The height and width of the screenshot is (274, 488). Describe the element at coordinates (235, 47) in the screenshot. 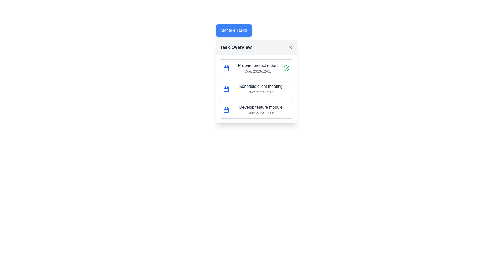

I see `the bold and large text label reading 'Task Overview' at the top-left of the panel interface` at that location.